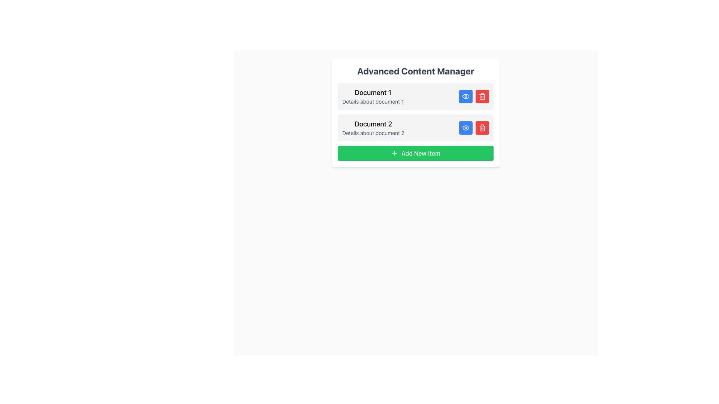  Describe the element at coordinates (465, 128) in the screenshot. I see `the blue circular button with an eye-shaped icon, the second button associated with 'Document 2'` at that location.